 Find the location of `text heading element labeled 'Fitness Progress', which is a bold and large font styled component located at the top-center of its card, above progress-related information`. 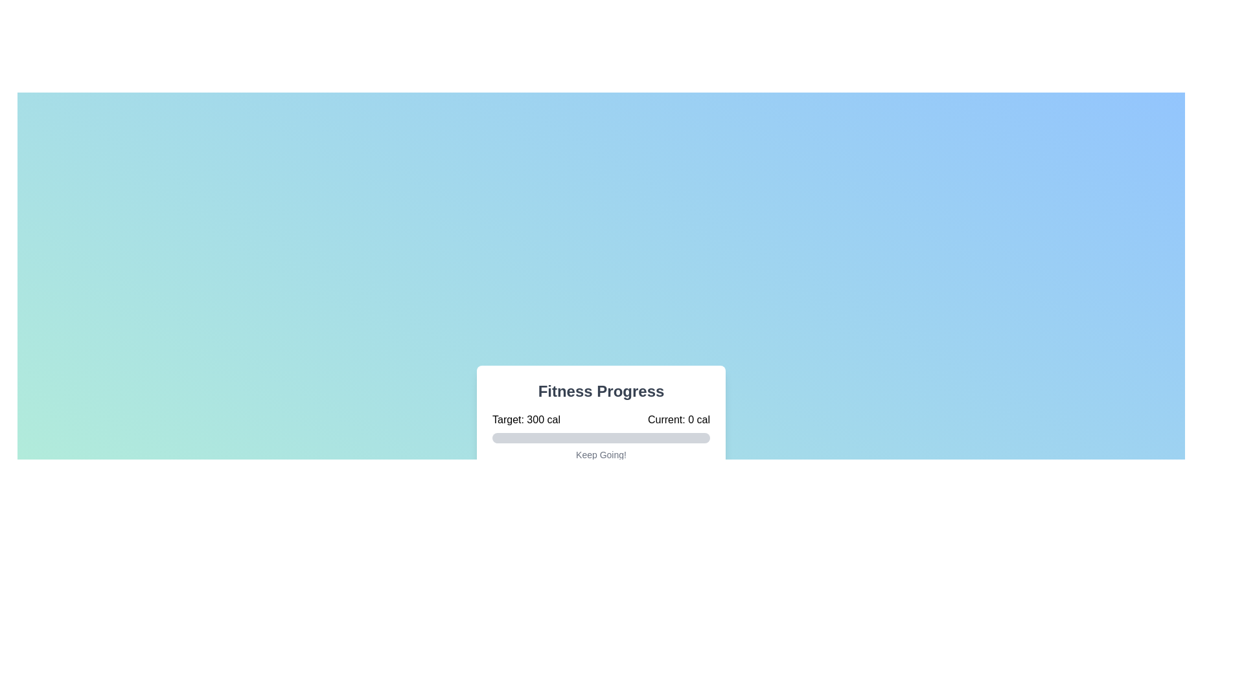

text heading element labeled 'Fitness Progress', which is a bold and large font styled component located at the top-center of its card, above progress-related information is located at coordinates (600, 391).